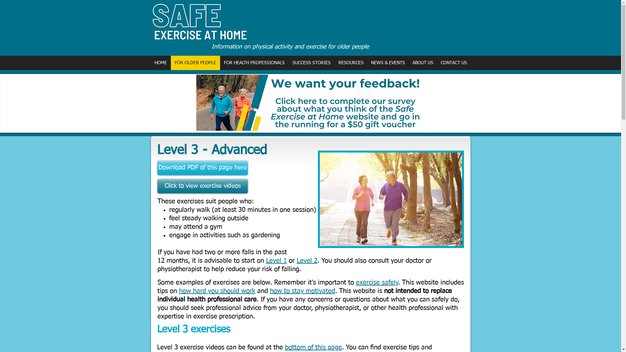  I want to click on 'how hard you should work', so click(178, 291).